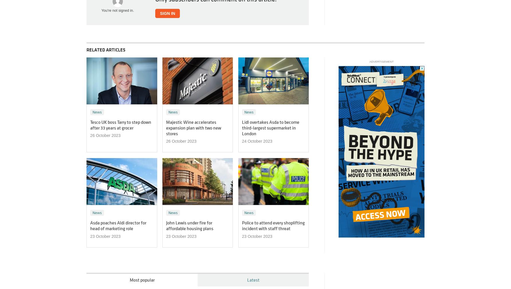 This screenshot has height=289, width=511. What do you see at coordinates (167, 13) in the screenshot?
I see `'Sign in'` at bounding box center [167, 13].